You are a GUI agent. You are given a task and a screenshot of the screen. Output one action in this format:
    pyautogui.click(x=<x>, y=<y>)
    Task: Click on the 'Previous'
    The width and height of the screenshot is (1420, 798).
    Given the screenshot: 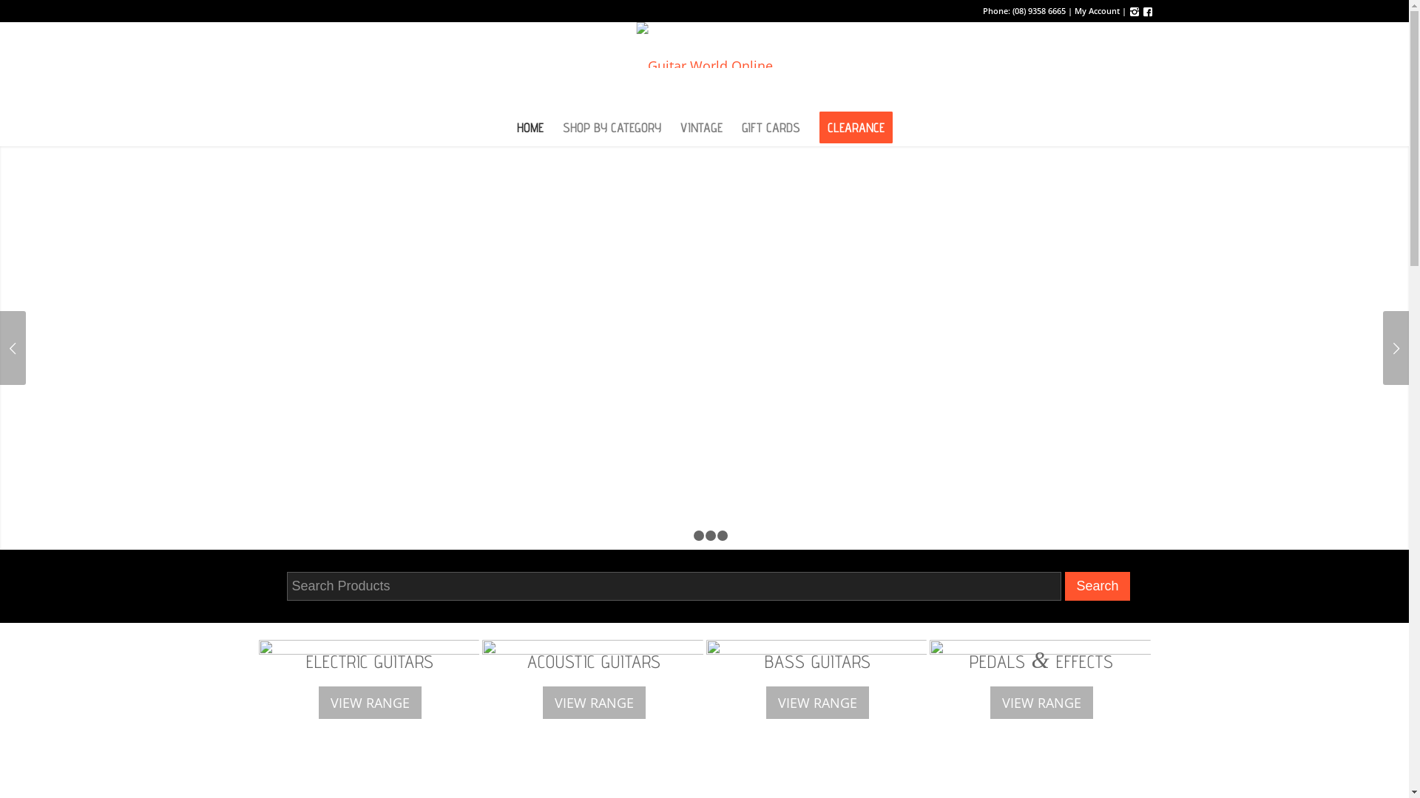 What is the action you would take?
    pyautogui.click(x=0, y=347)
    